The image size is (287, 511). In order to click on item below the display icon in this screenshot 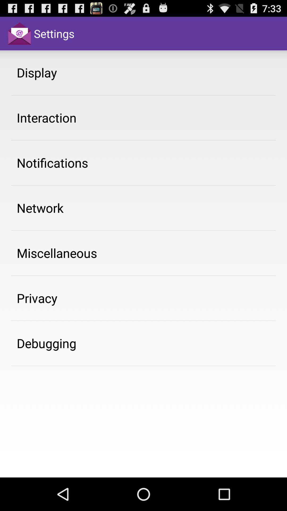, I will do `click(46, 117)`.